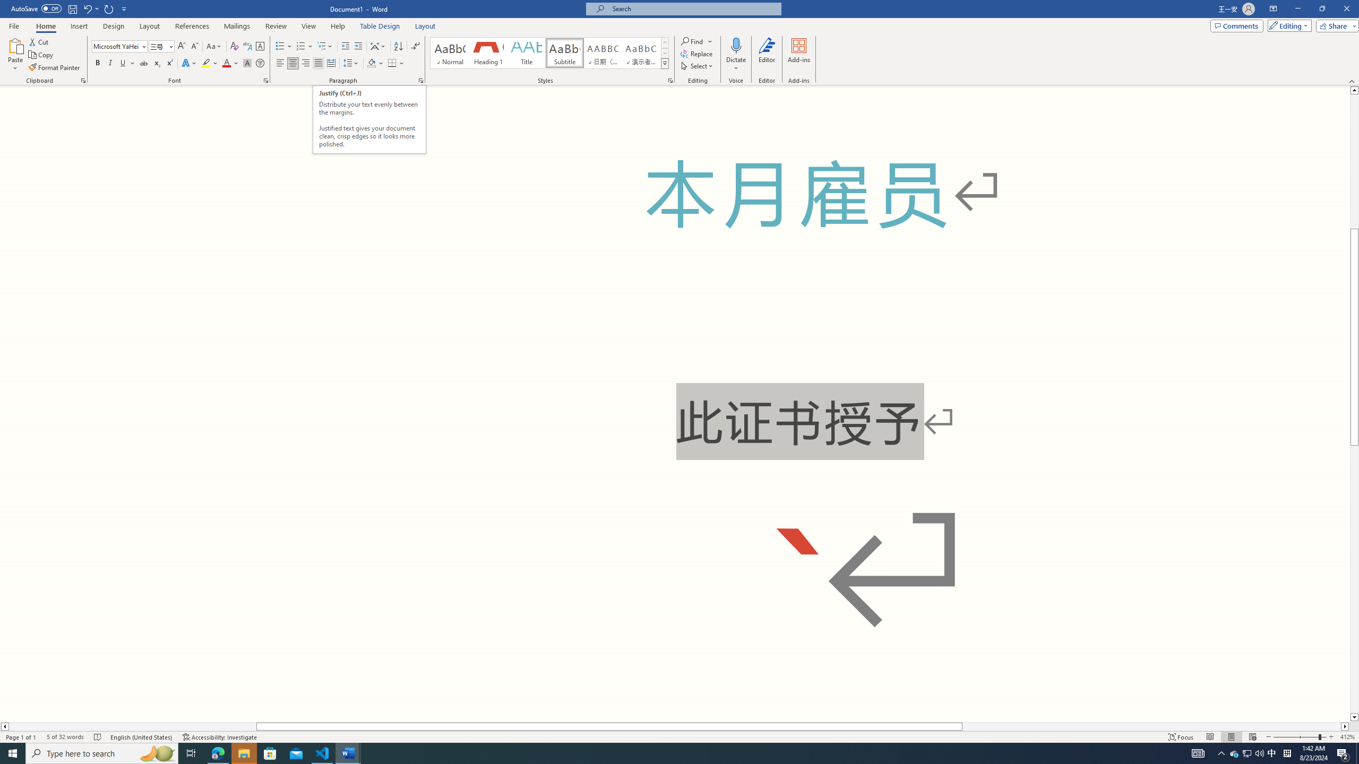 This screenshot has width=1359, height=764. Describe the element at coordinates (767, 55) in the screenshot. I see `'Editor'` at that location.